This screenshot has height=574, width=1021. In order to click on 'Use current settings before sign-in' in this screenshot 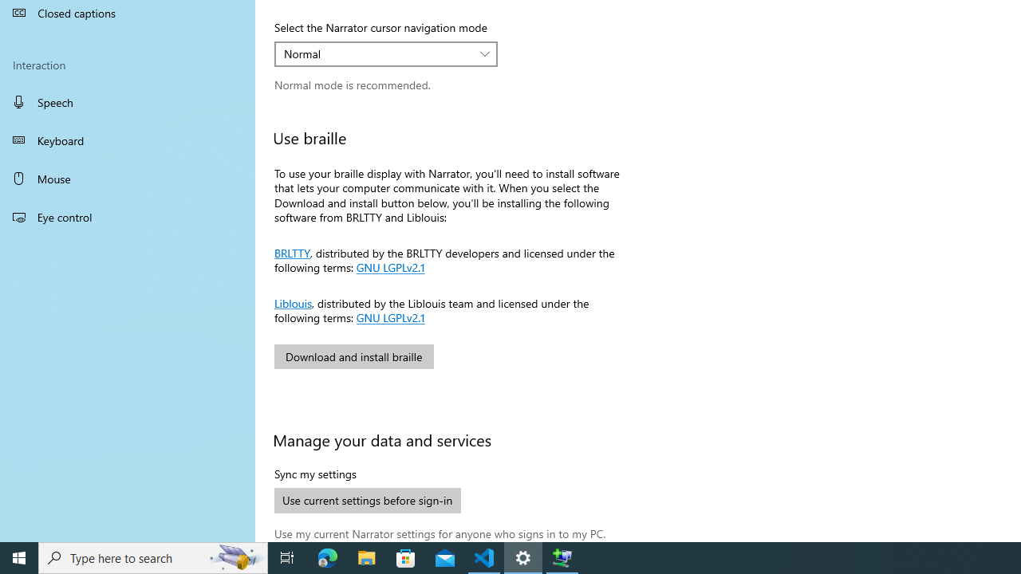, I will do `click(367, 499)`.